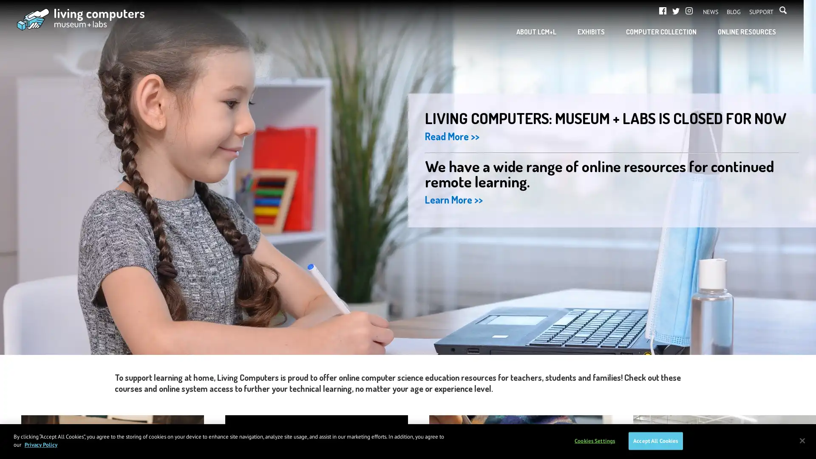  I want to click on Accept All Cookies, so click(655, 440).